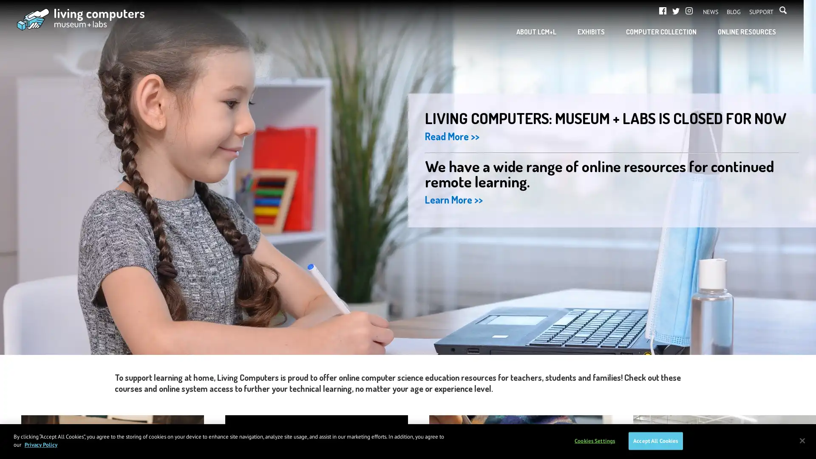  I want to click on Accept All Cookies, so click(655, 440).